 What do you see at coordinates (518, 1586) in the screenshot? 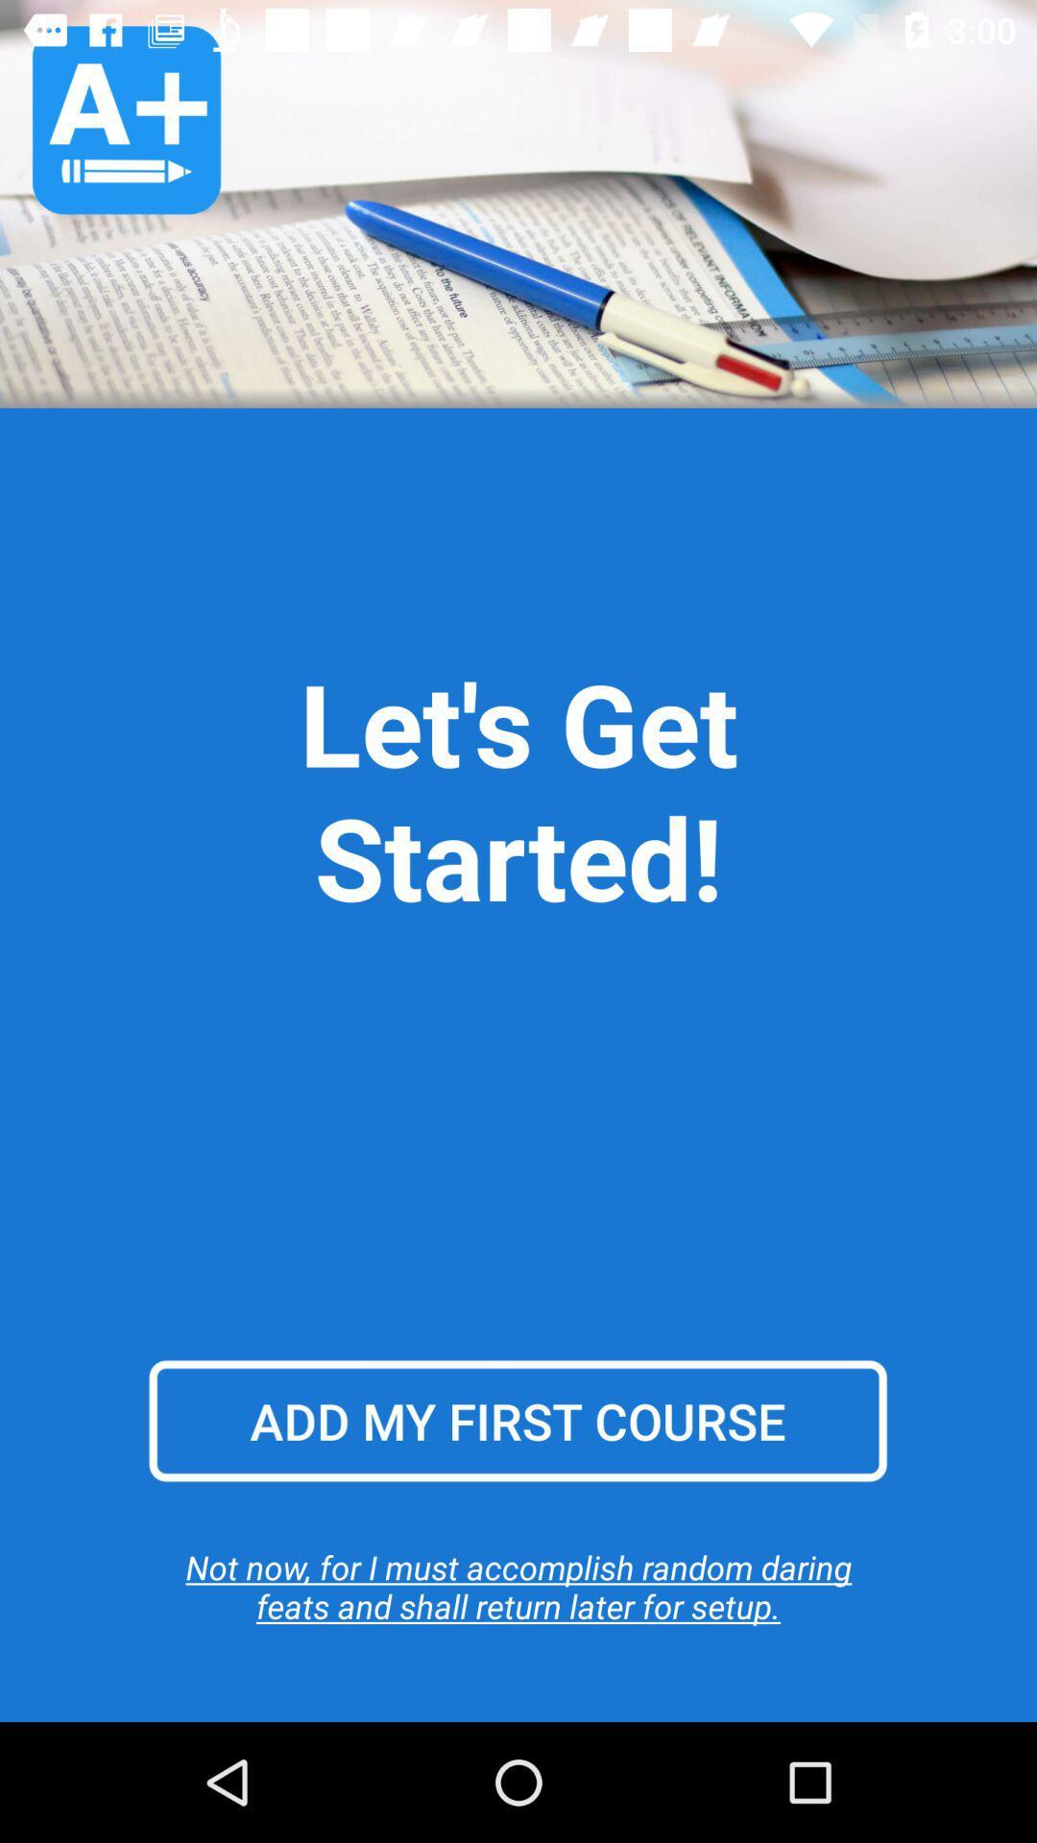
I see `icon below the add my first item` at bounding box center [518, 1586].